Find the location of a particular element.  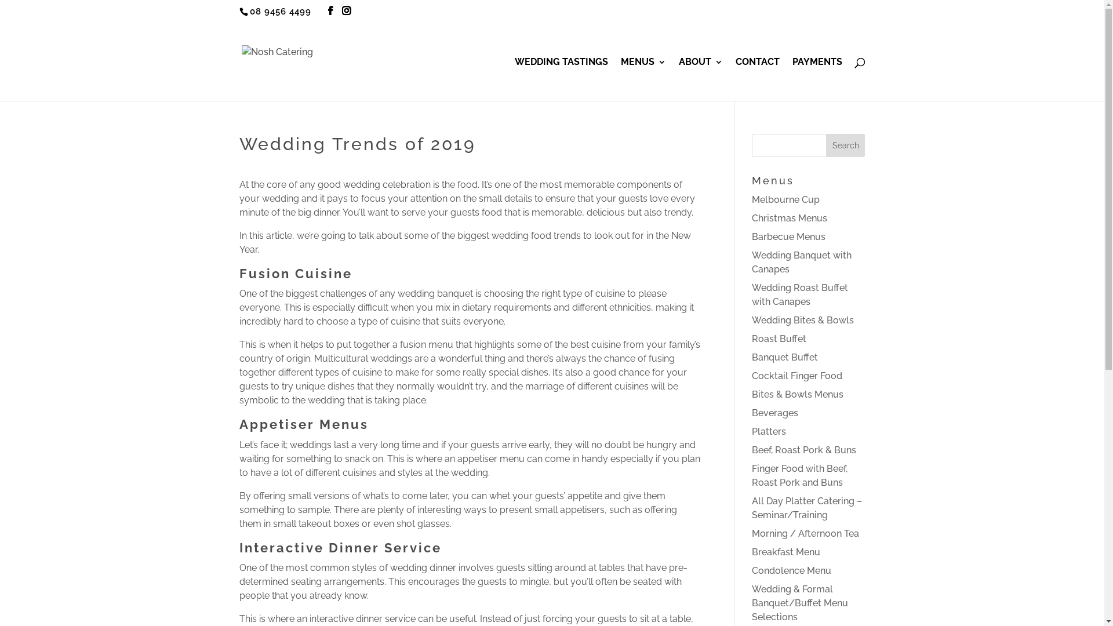

'Wedding Roast Buffet with Canapes' is located at coordinates (799, 294).